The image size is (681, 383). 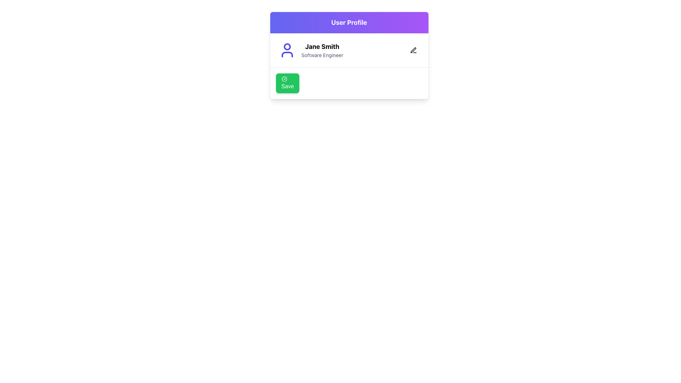 I want to click on the Text Label that displays the user's name, located at the top of the profile card and aligned to the right of the avatar icon, so click(x=322, y=46).